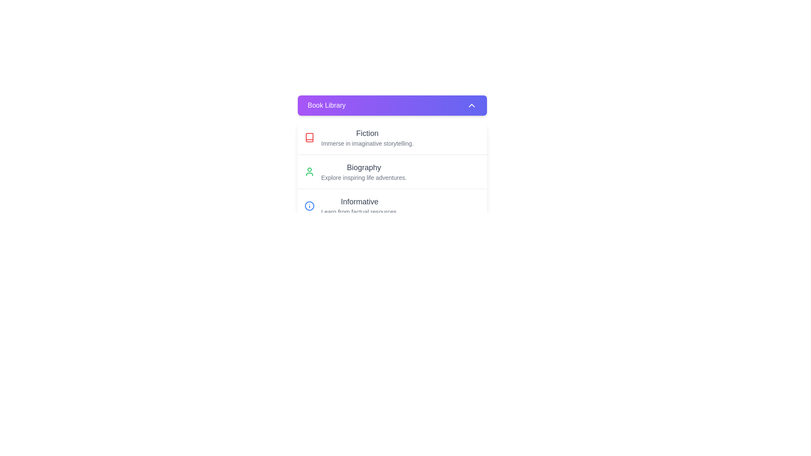 The image size is (811, 456). Describe the element at coordinates (309, 171) in the screenshot. I see `the user icon, which is an outline of a person styled in green, located to the left of the 'Biography' text in the list item describing the category 'Biography'` at that location.